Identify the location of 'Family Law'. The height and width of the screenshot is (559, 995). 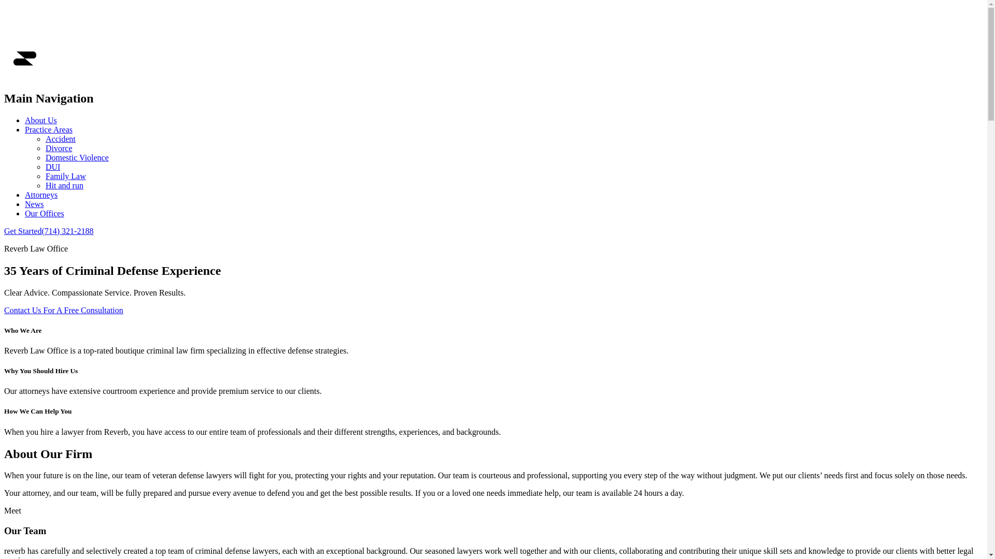
(65, 175).